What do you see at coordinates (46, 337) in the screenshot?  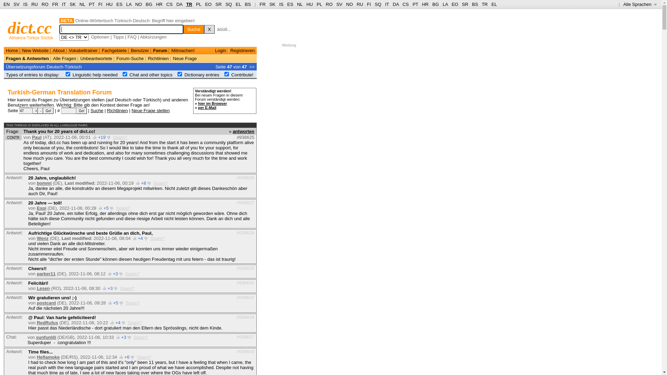 I see `'sunfunlili'` at bounding box center [46, 337].